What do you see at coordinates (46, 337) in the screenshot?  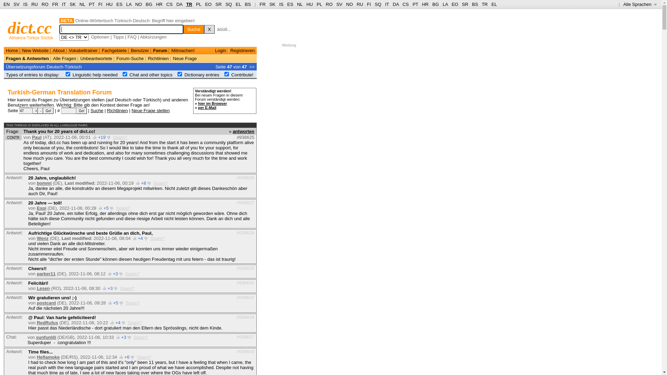 I see `'sunfunlili'` at bounding box center [46, 337].